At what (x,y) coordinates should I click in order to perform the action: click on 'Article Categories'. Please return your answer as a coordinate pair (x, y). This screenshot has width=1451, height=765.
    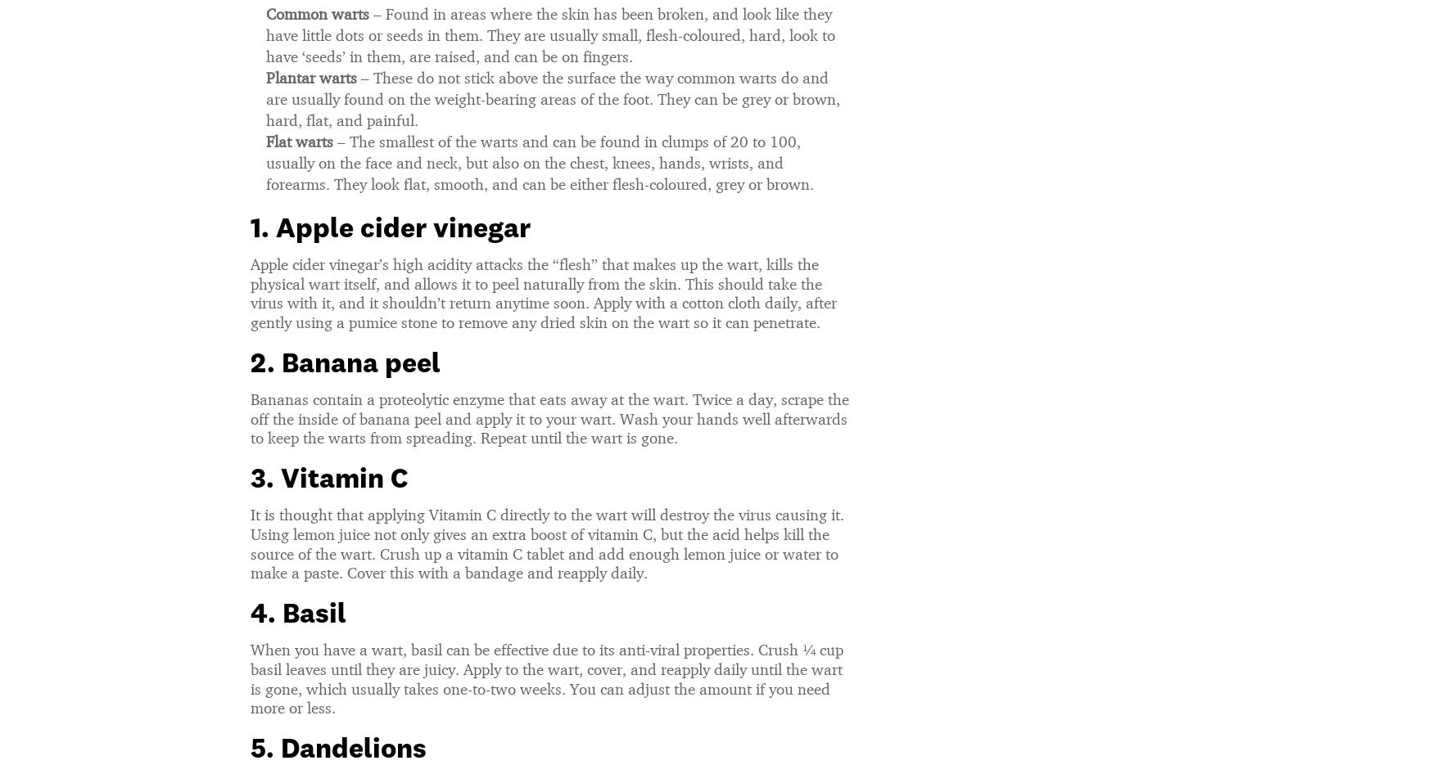
    Looking at the image, I should click on (976, 750).